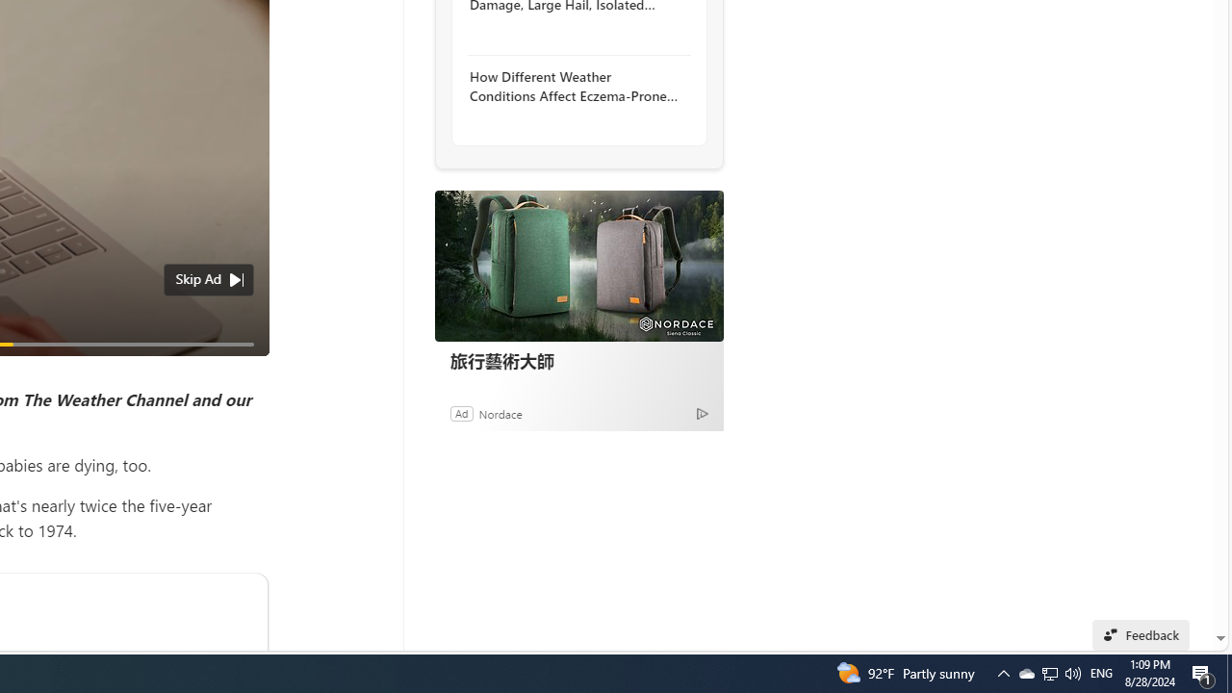  I want to click on 'Skip Ad', so click(198, 279).